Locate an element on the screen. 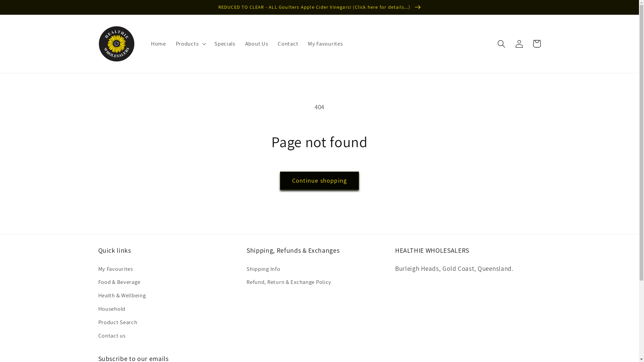 Image resolution: width=644 pixels, height=362 pixels. 'Continue shopping' is located at coordinates (280, 180).